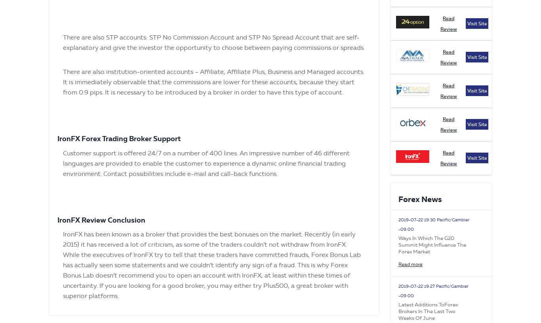 This screenshot has width=541, height=323. I want to click on 'Read more', so click(410, 264).